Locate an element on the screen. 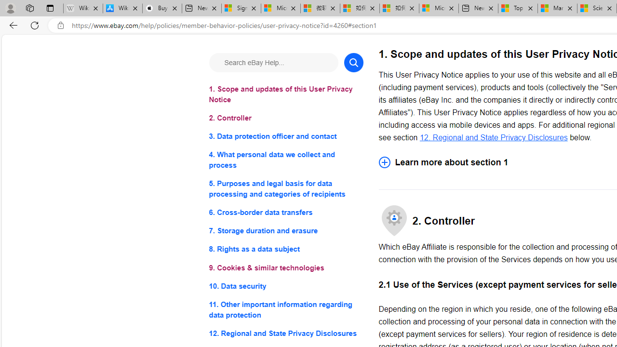 The width and height of the screenshot is (617, 347). 'Wikipedia - Sleeping' is located at coordinates (83, 8).